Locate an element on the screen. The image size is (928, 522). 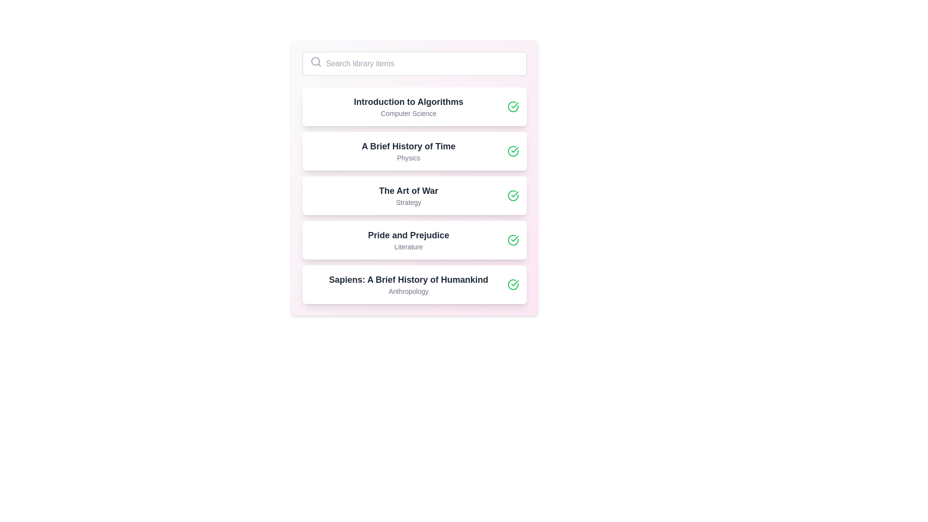
the checkmark icon within the circular stroke symbol, which is positioned on the right-hand side of 'The Art of War' card under the 'Strategy' category is located at coordinates (514, 194).